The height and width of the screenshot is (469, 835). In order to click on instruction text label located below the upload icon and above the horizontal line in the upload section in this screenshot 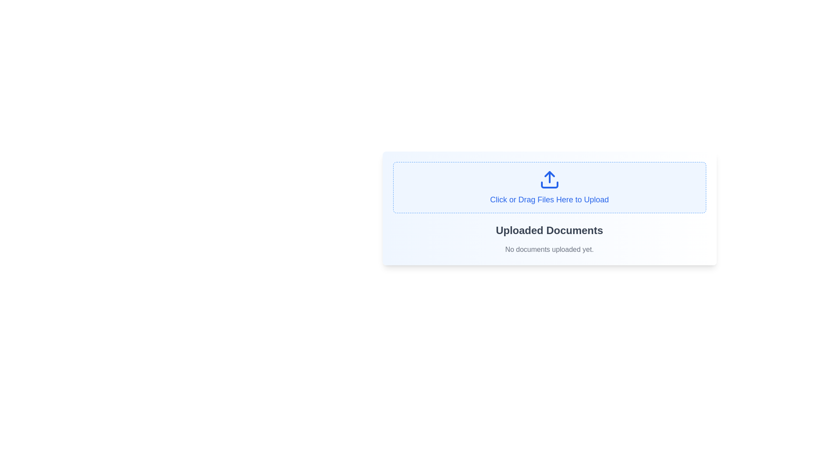, I will do `click(549, 199)`.